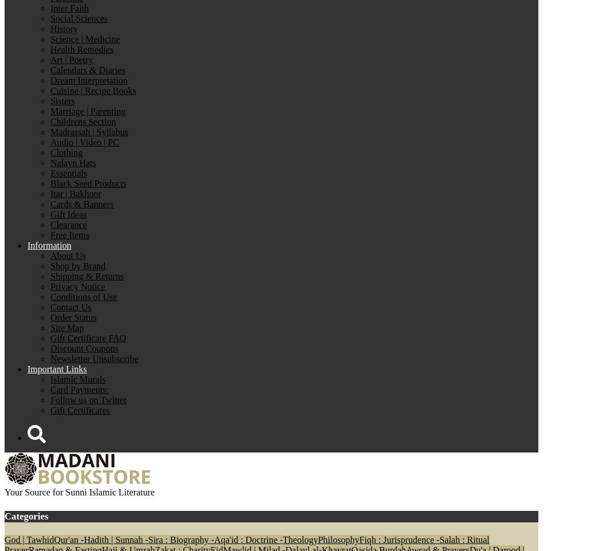 This screenshot has height=551, width=602. Describe the element at coordinates (50, 286) in the screenshot. I see `'Privacy Notice'` at that location.